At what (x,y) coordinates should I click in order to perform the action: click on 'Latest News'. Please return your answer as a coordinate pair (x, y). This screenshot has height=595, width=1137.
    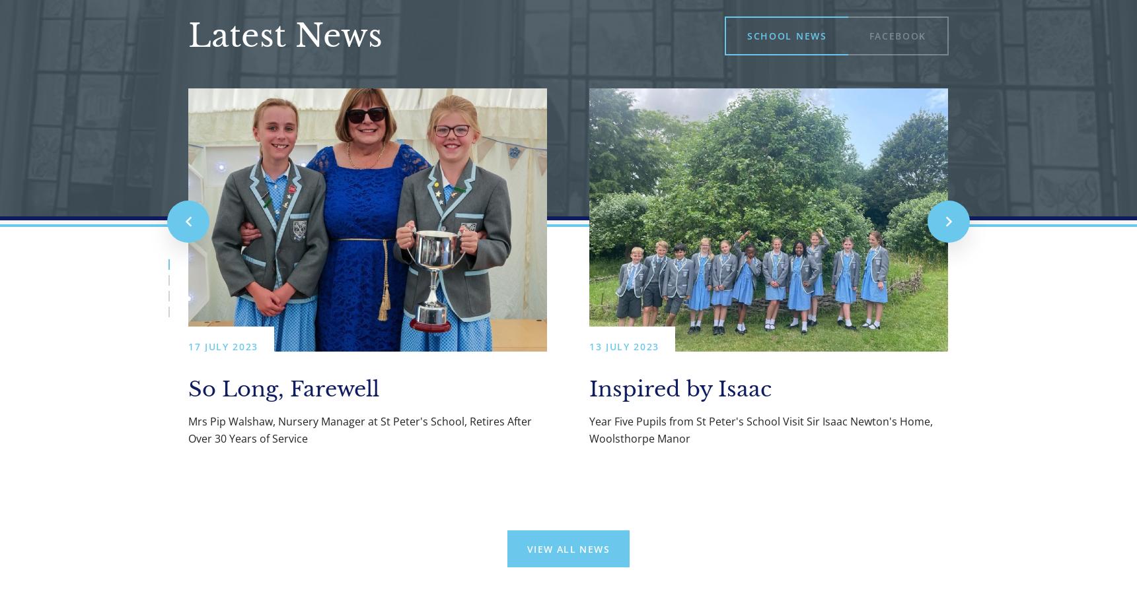
    Looking at the image, I should click on (284, 35).